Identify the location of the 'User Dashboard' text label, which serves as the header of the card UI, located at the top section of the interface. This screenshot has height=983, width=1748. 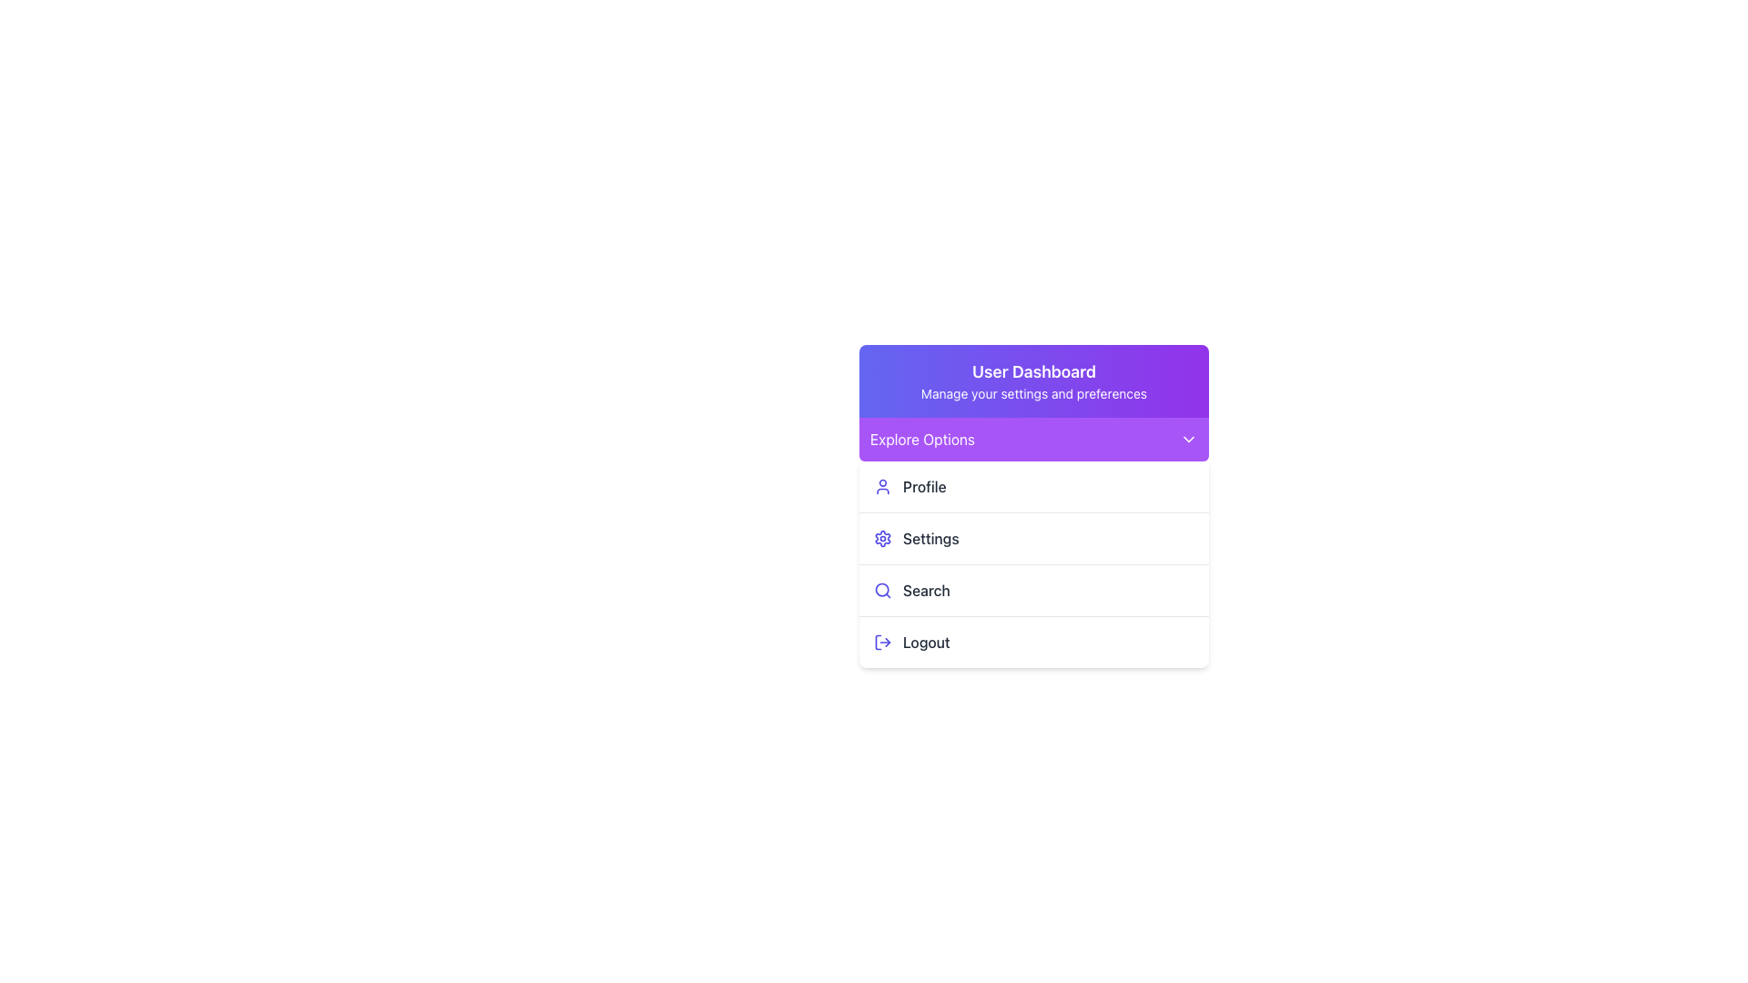
(1034, 370).